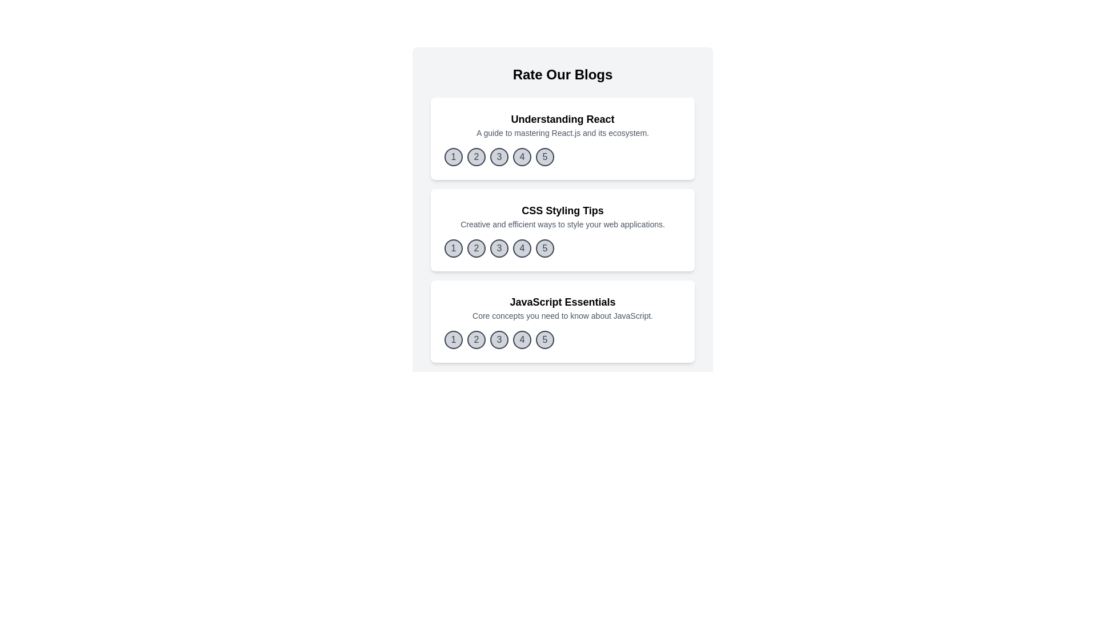 Image resolution: width=1097 pixels, height=617 pixels. Describe the element at coordinates (477, 339) in the screenshot. I see `the rating button corresponding to 2 for the blog titled 'JavaScript Essentials'` at that location.